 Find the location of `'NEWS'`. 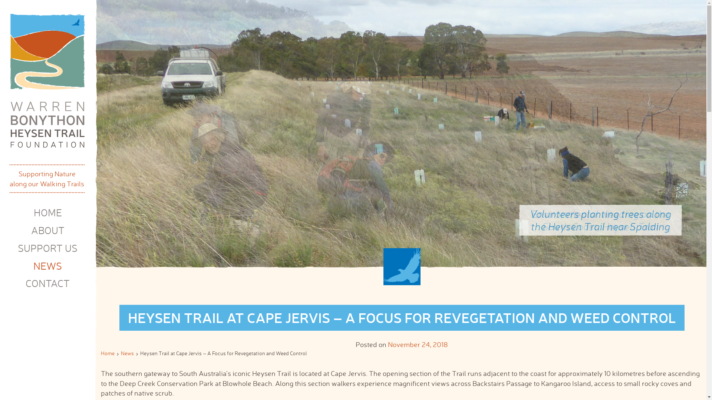

'NEWS' is located at coordinates (33, 265).